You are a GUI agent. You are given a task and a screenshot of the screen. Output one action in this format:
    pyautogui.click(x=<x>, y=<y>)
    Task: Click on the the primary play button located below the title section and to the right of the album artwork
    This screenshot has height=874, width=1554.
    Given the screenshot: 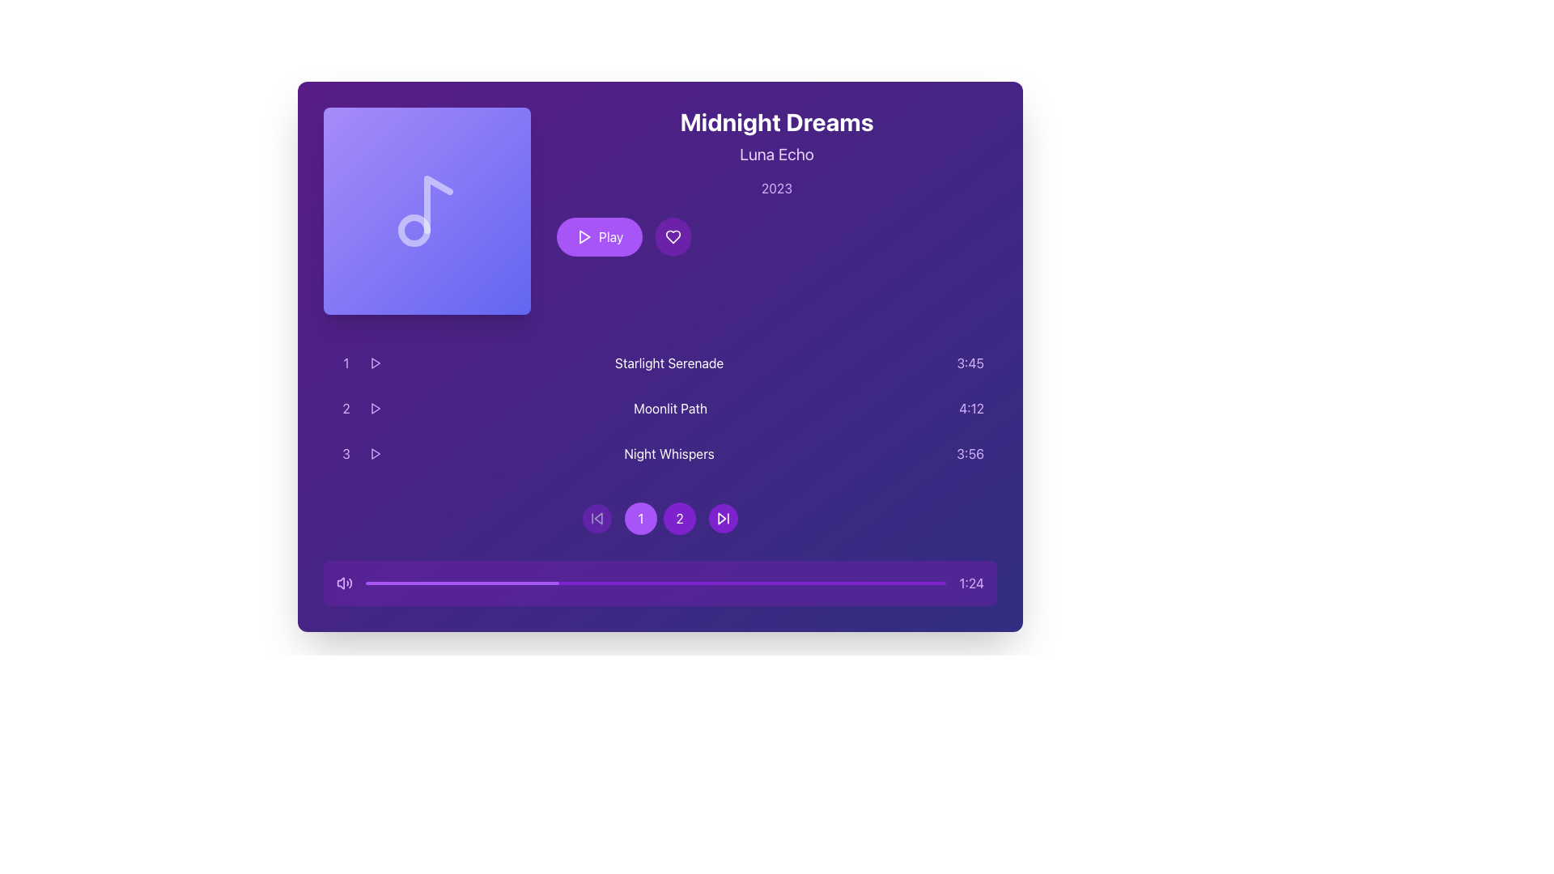 What is the action you would take?
    pyautogui.click(x=599, y=237)
    